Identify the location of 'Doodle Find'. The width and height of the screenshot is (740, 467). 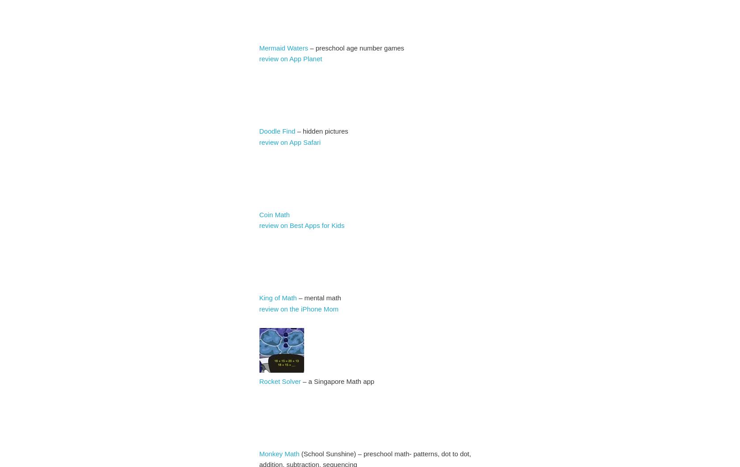
(259, 131).